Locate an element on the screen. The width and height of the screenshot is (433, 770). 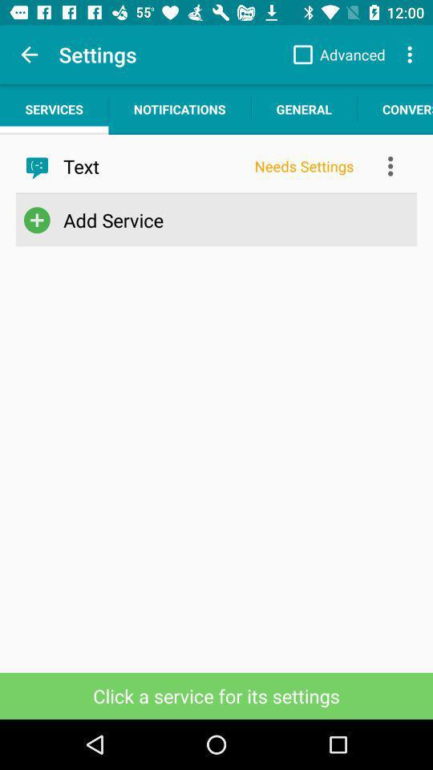
text item is located at coordinates (153, 166).